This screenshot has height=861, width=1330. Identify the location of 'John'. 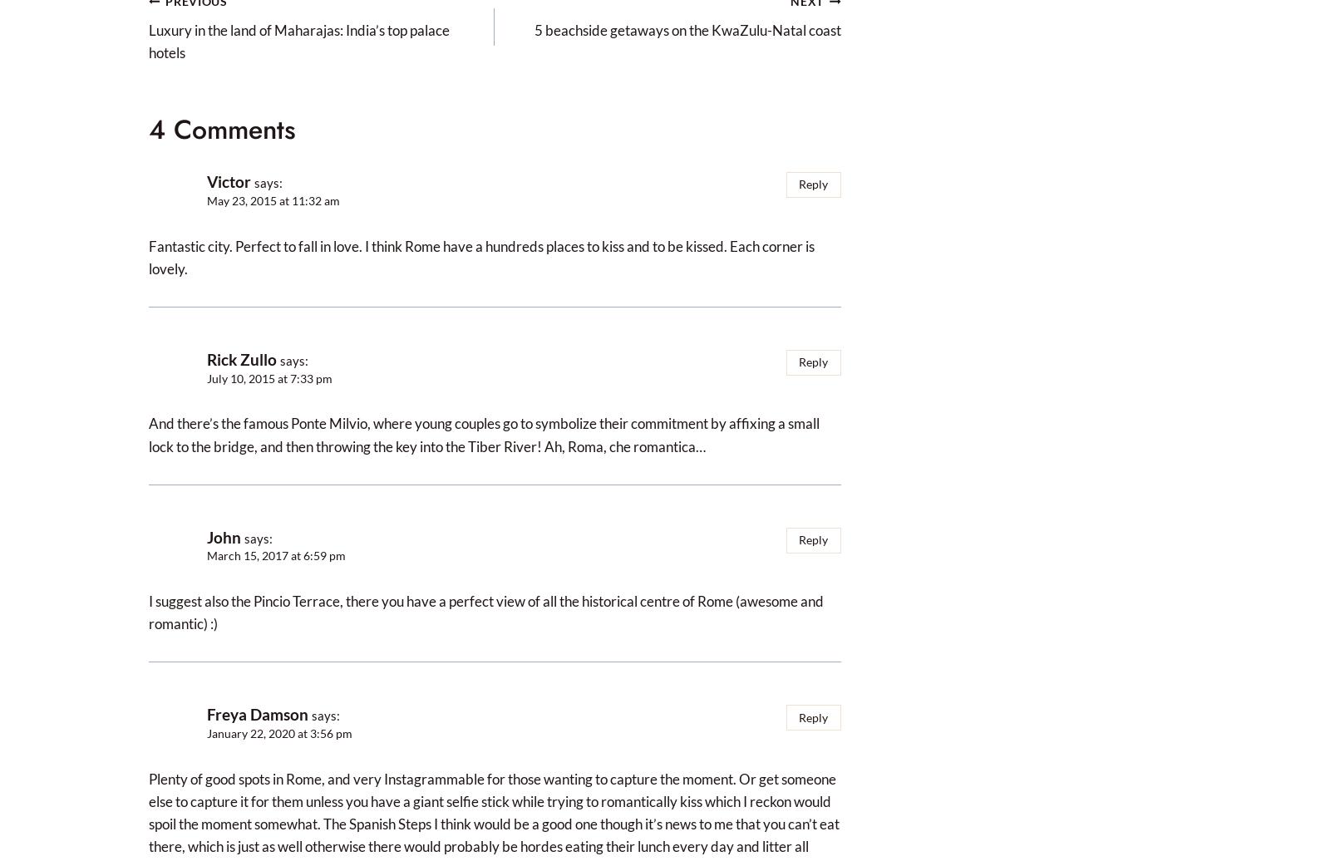
(224, 536).